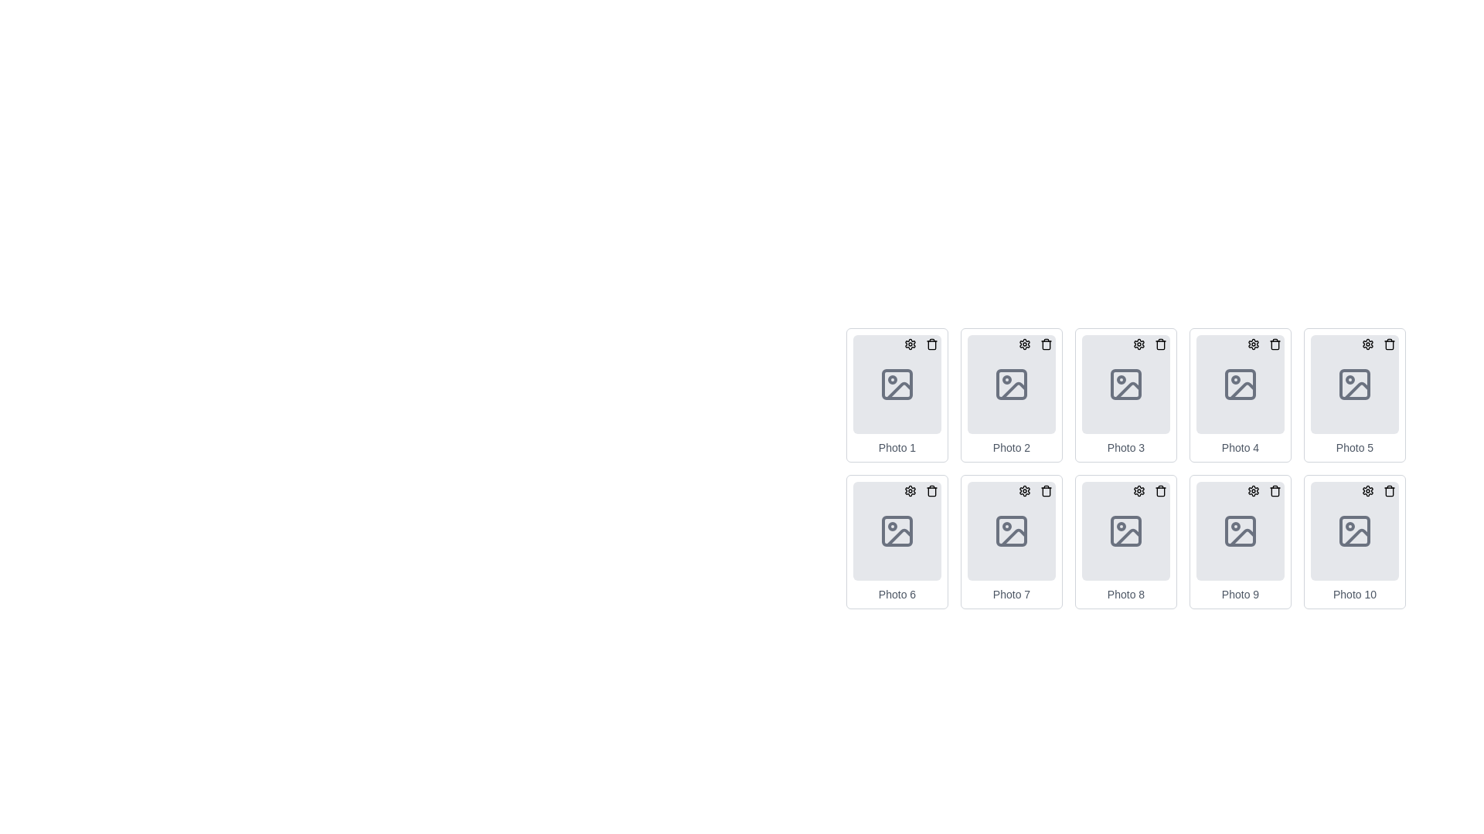 The width and height of the screenshot is (1484, 834). Describe the element at coordinates (1368, 344) in the screenshot. I see `the small gear icon representing settings located in the top-right corner of the grid cell labeled 'Photo 5'` at that location.